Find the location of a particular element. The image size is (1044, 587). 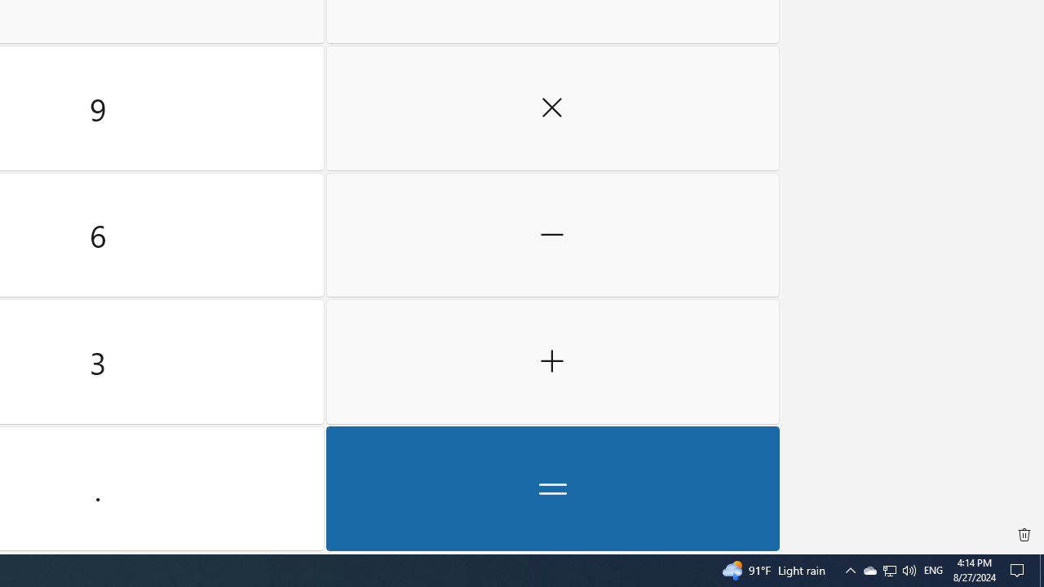

'Notification Chevron' is located at coordinates (849, 569).